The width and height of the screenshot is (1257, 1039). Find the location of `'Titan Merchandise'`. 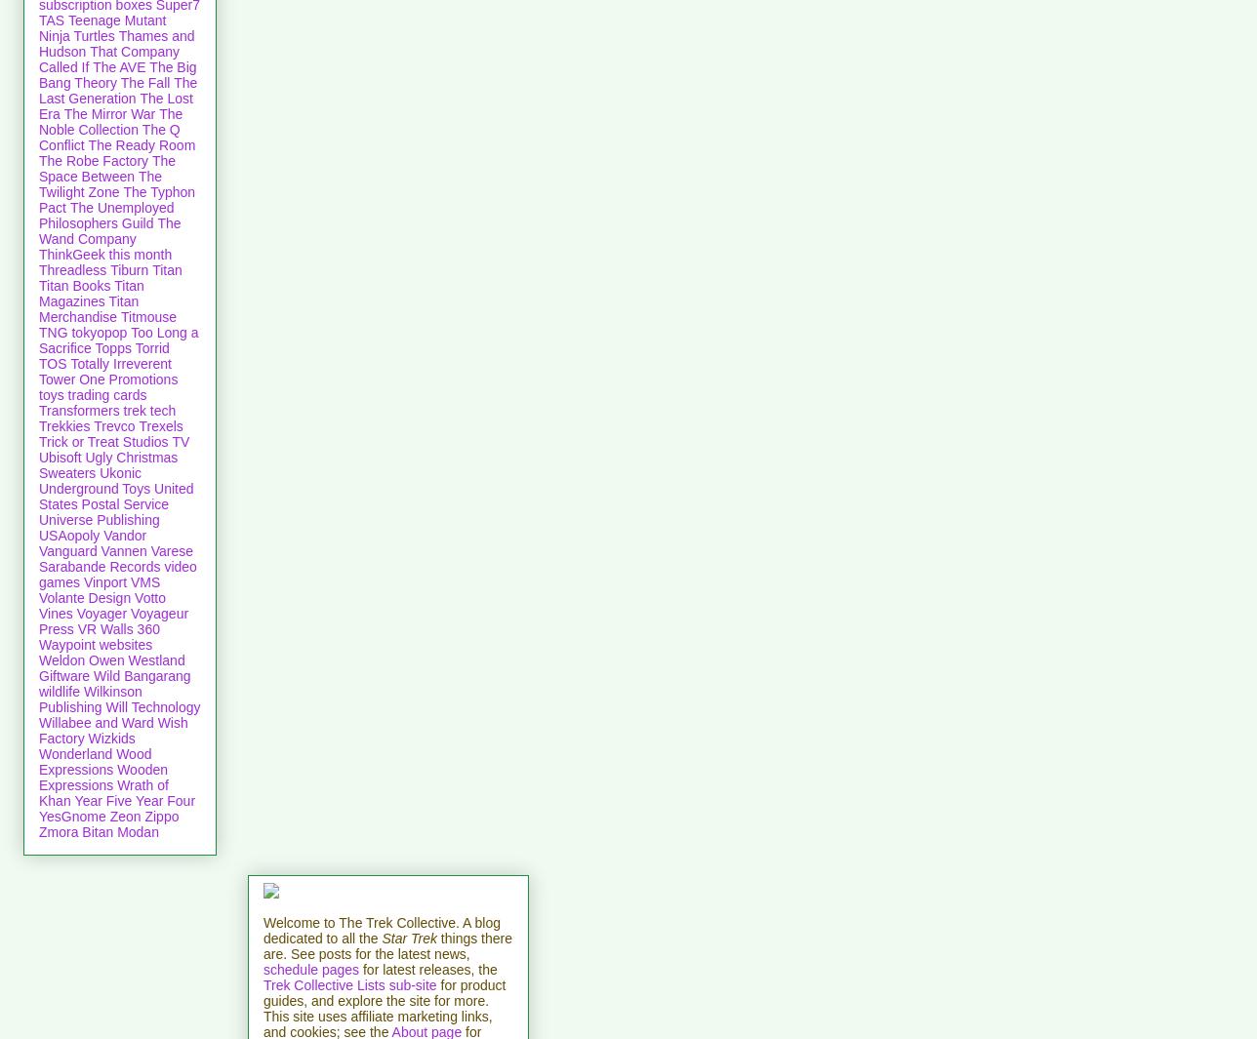

'Titan Merchandise' is located at coordinates (89, 306).